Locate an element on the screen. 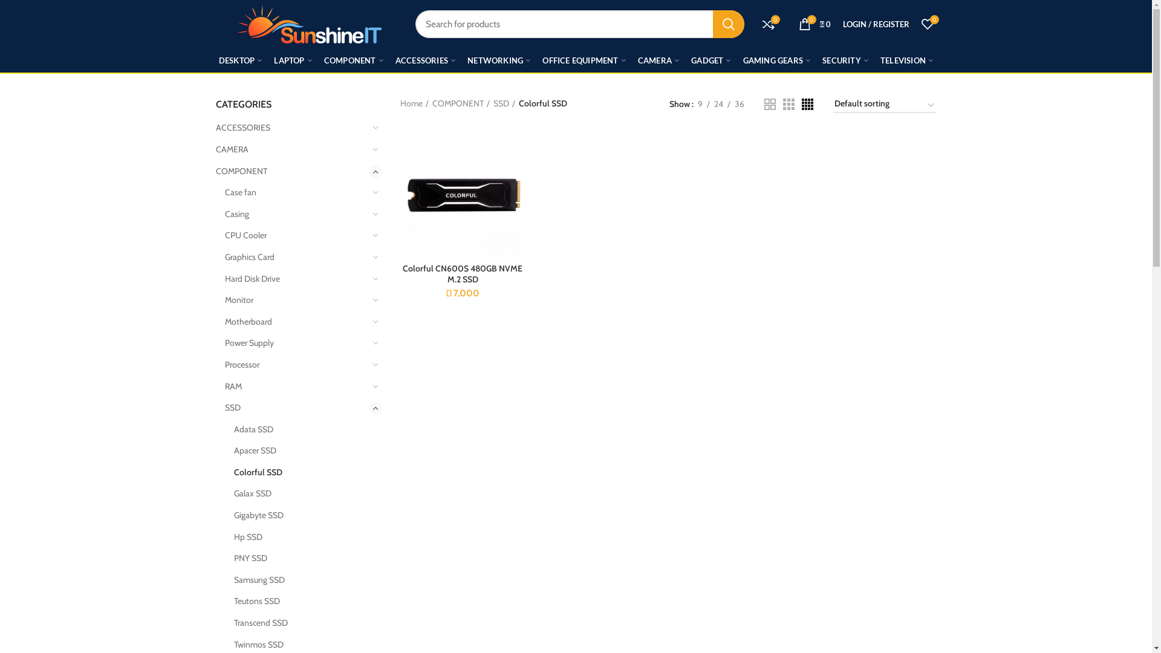 This screenshot has width=1161, height=653. 'NETWORKING' is located at coordinates (499, 60).